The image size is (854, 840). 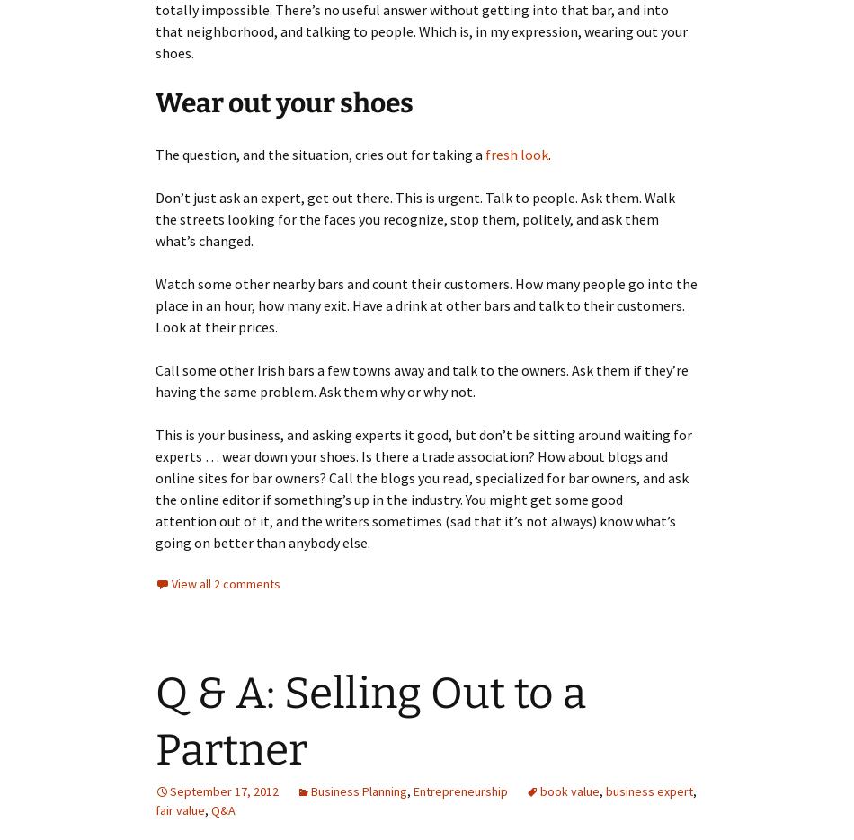 What do you see at coordinates (358, 790) in the screenshot?
I see `'Business Planning'` at bounding box center [358, 790].